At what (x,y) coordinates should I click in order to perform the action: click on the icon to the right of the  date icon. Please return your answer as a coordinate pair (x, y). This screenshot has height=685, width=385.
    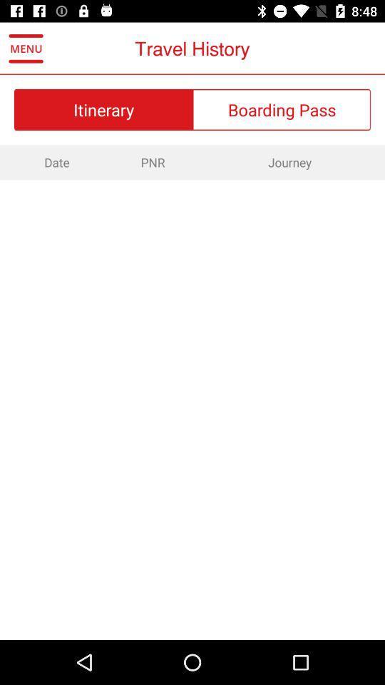
    Looking at the image, I should click on (152, 162).